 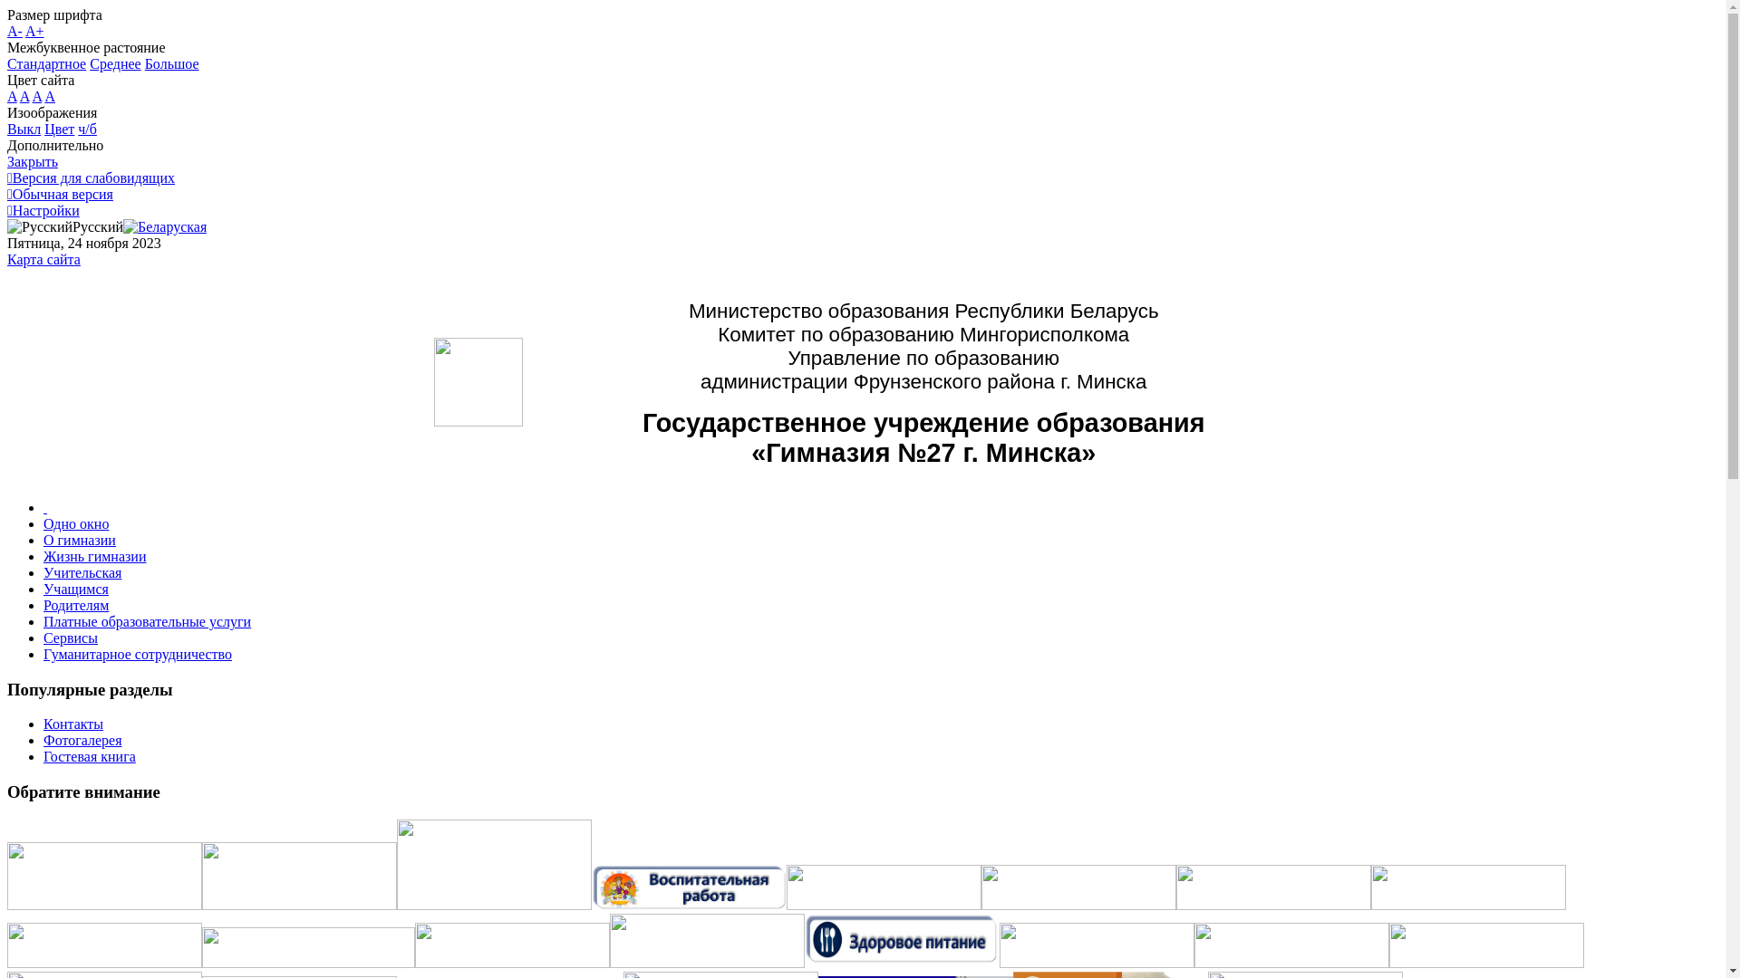 I want to click on 'A', so click(x=37, y=96).